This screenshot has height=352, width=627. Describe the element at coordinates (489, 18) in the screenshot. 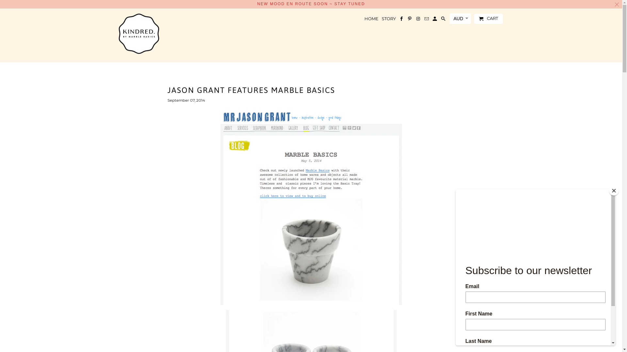

I see `'CART'` at that location.